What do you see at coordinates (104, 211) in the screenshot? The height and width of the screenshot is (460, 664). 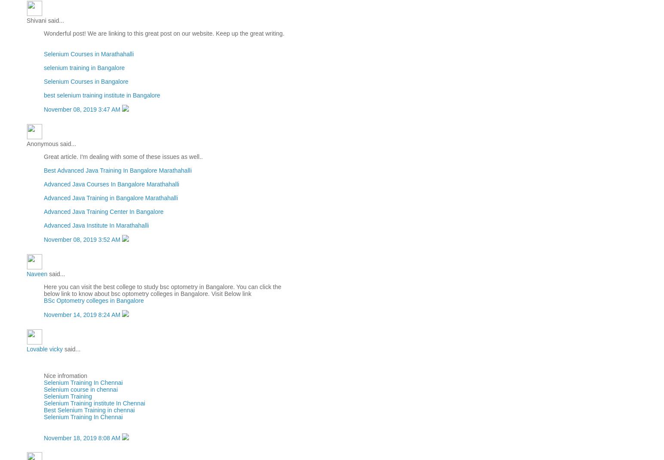 I see `'Advanced Java Training Center In Bangalore'` at bounding box center [104, 211].